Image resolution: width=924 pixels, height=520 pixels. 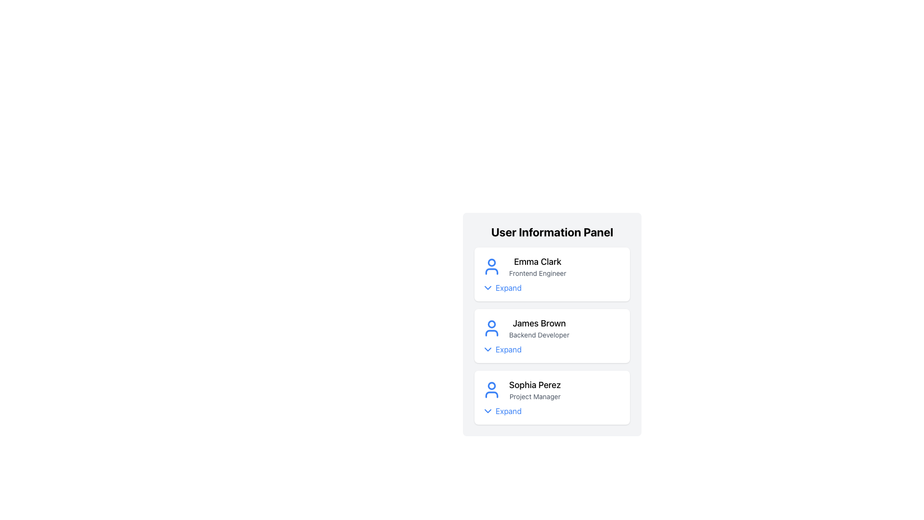 What do you see at coordinates (492, 267) in the screenshot?
I see `the SVG-based image icon representing the user profile located in the 'Emma Clark' user section` at bounding box center [492, 267].